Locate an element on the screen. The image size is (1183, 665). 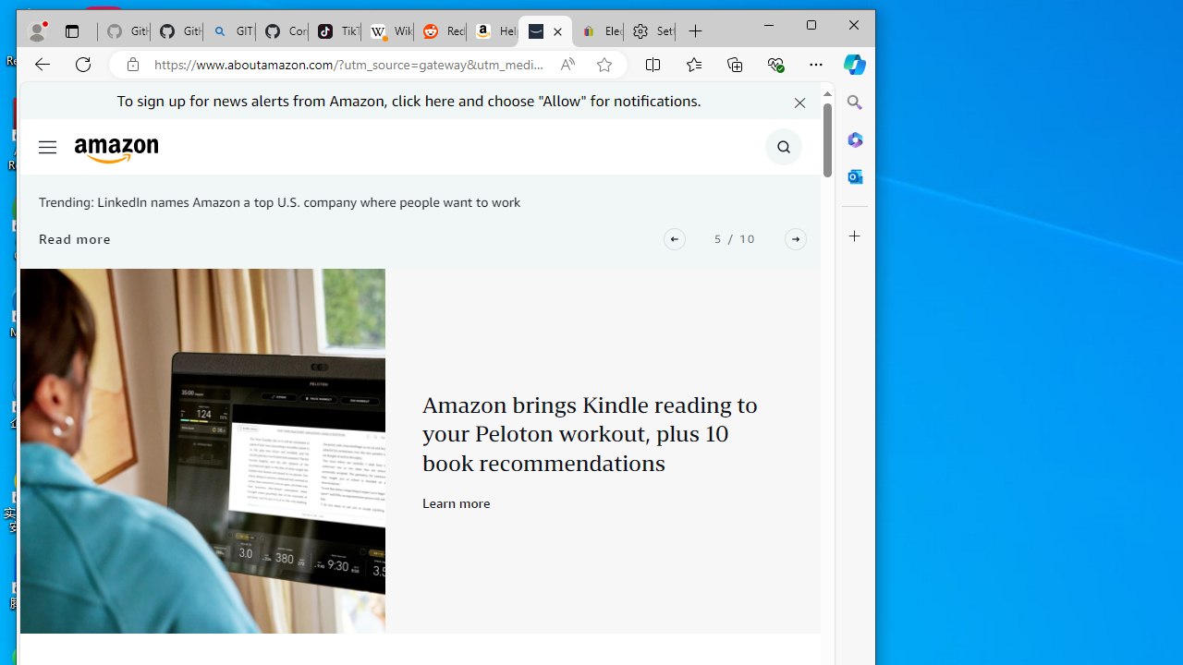
'Wikipedia, the free encyclopedia' is located at coordinates (385, 31).